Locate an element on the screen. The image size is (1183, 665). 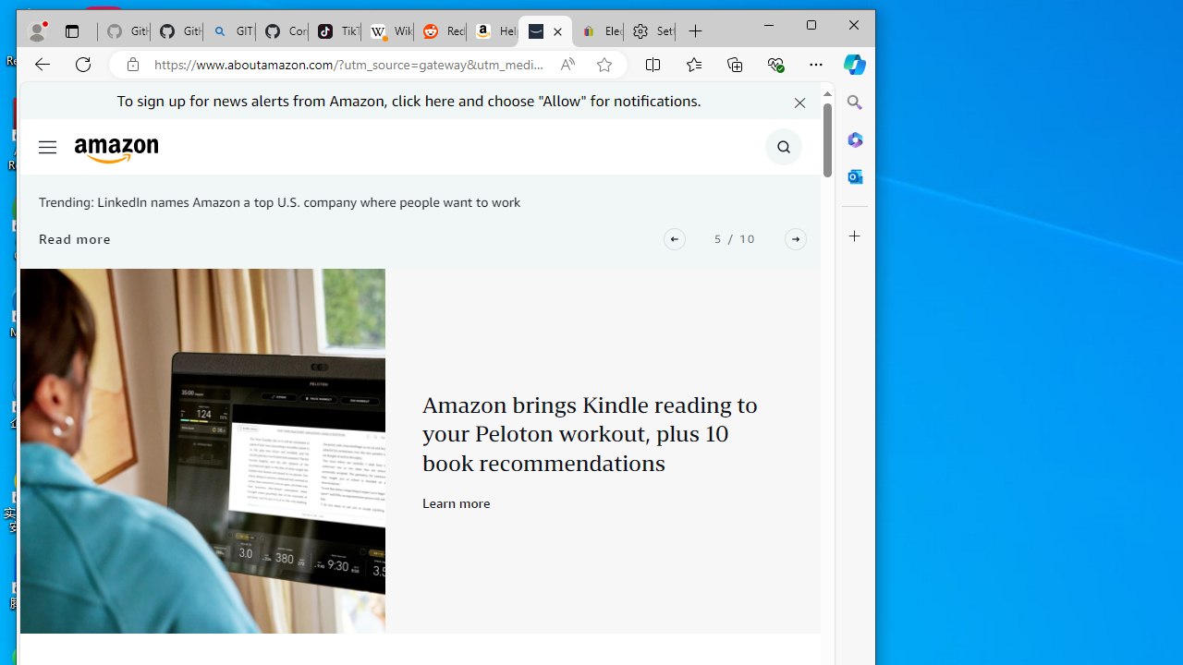
'Wikipedia, the free encyclopedia' is located at coordinates (385, 31).